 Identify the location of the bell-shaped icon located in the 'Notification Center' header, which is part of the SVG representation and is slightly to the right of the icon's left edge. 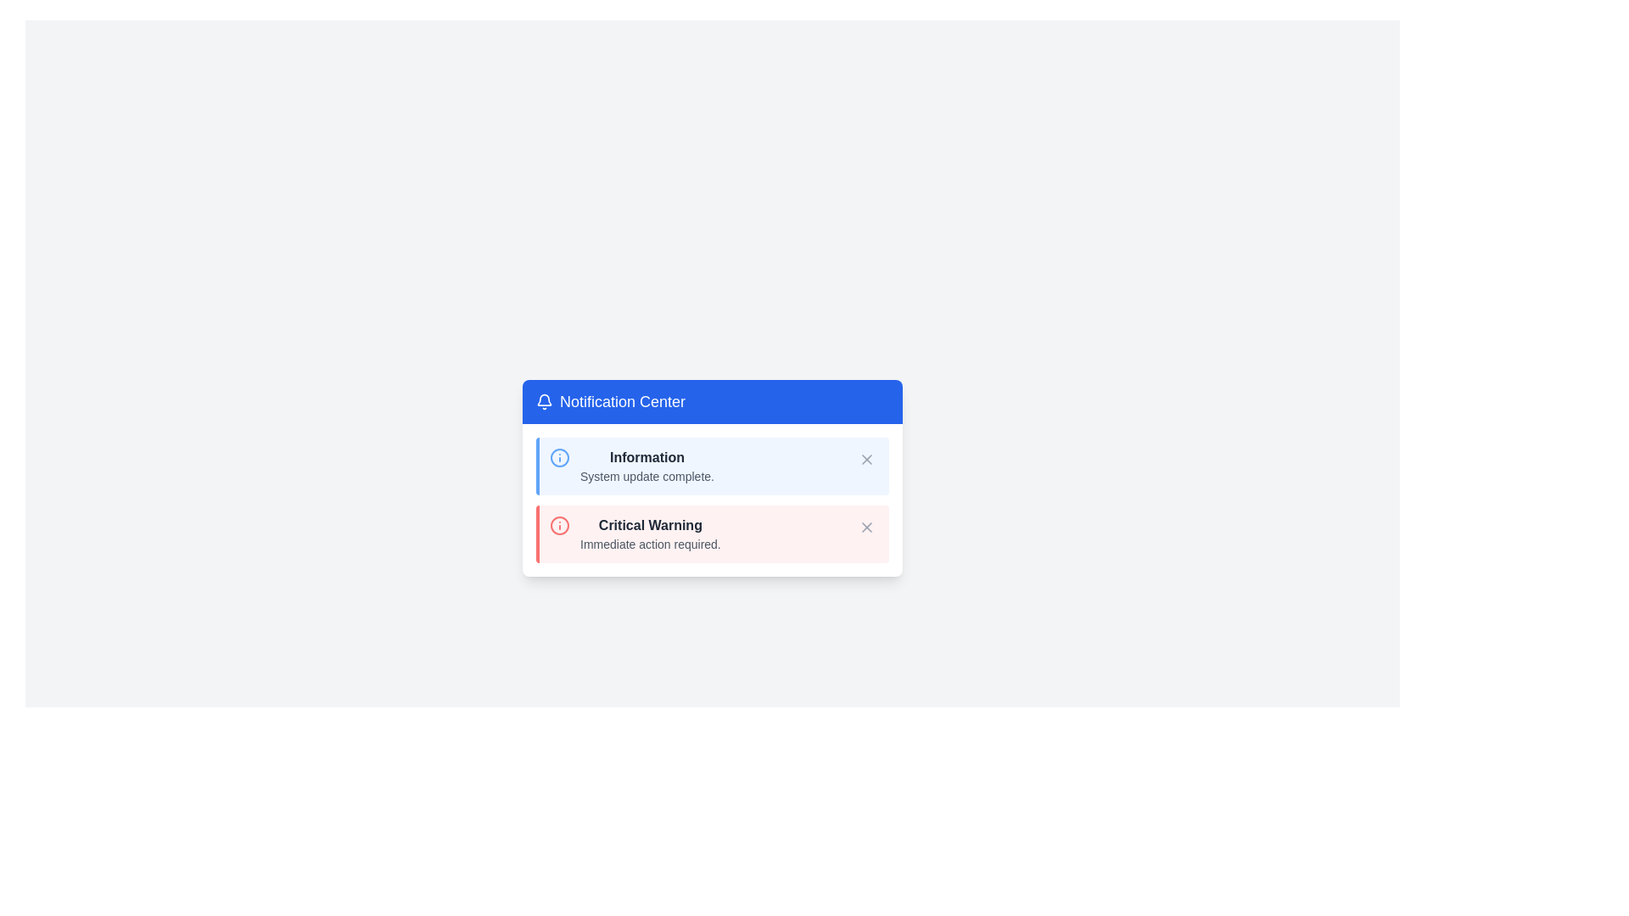
(545, 399).